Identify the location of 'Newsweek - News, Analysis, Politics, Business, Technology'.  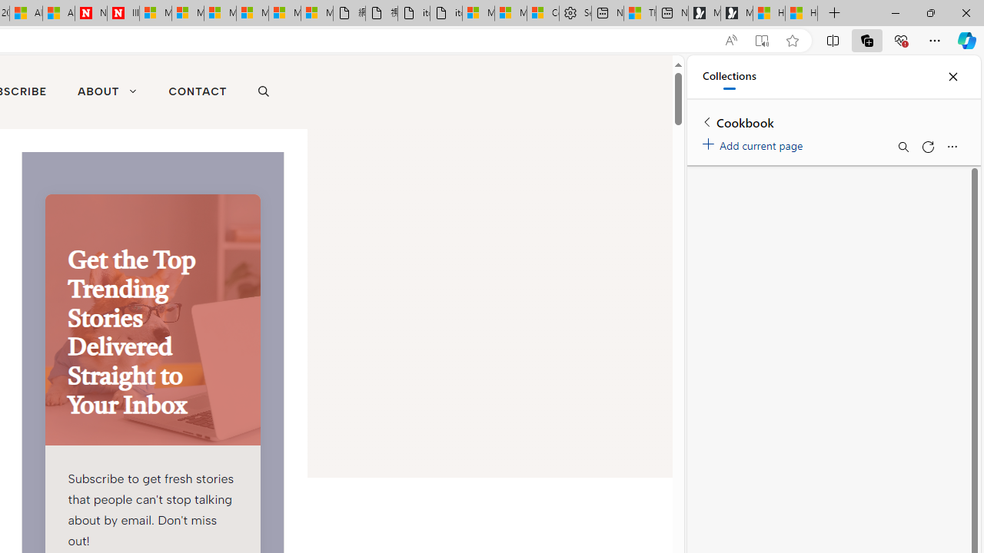
(91, 13).